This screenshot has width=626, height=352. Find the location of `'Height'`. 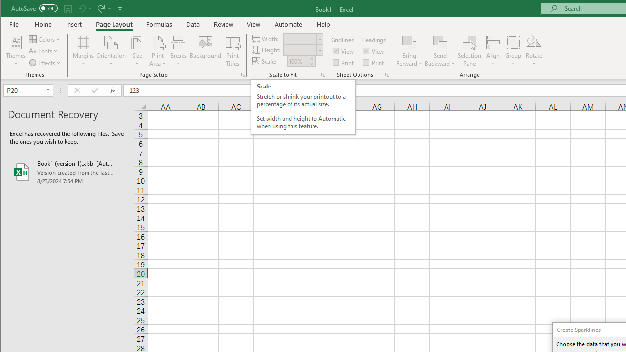

'Height' is located at coordinates (302, 50).